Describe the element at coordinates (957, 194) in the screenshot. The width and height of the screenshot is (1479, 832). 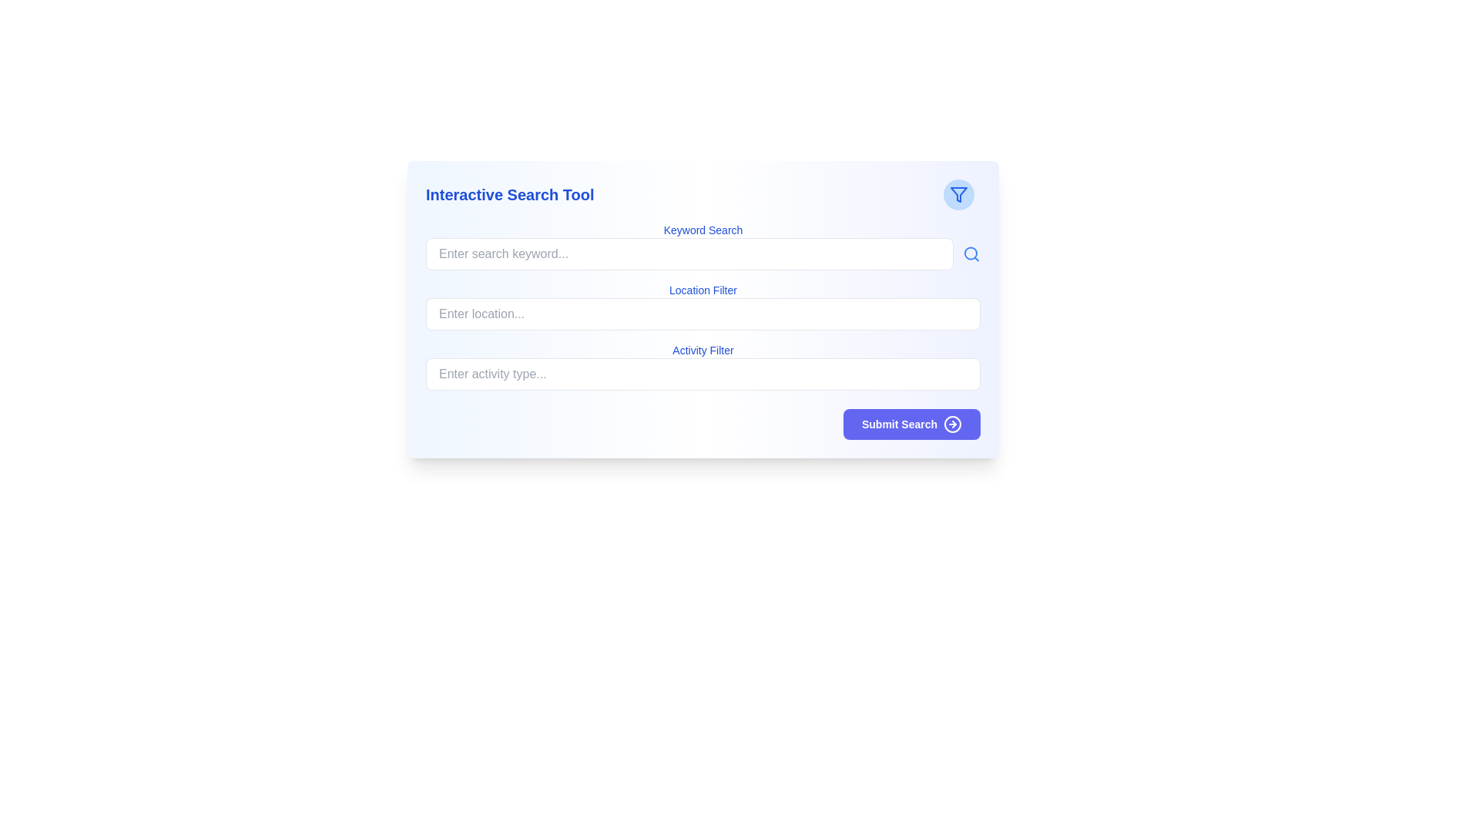
I see `the SVG icon embedded inside the interactive filter button` at that location.